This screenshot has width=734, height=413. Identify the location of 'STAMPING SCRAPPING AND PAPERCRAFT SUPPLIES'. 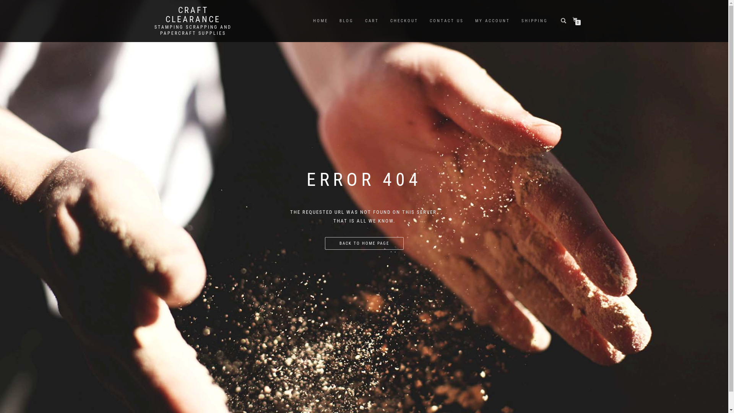
(193, 29).